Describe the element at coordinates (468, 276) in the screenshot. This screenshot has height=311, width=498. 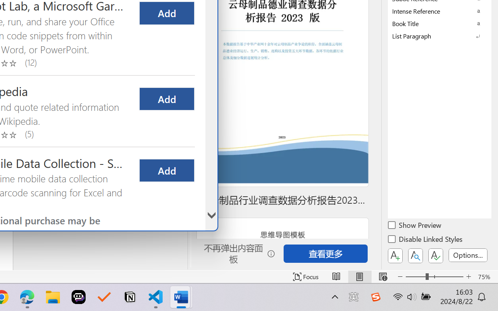
I see `'Zoom In'` at that location.